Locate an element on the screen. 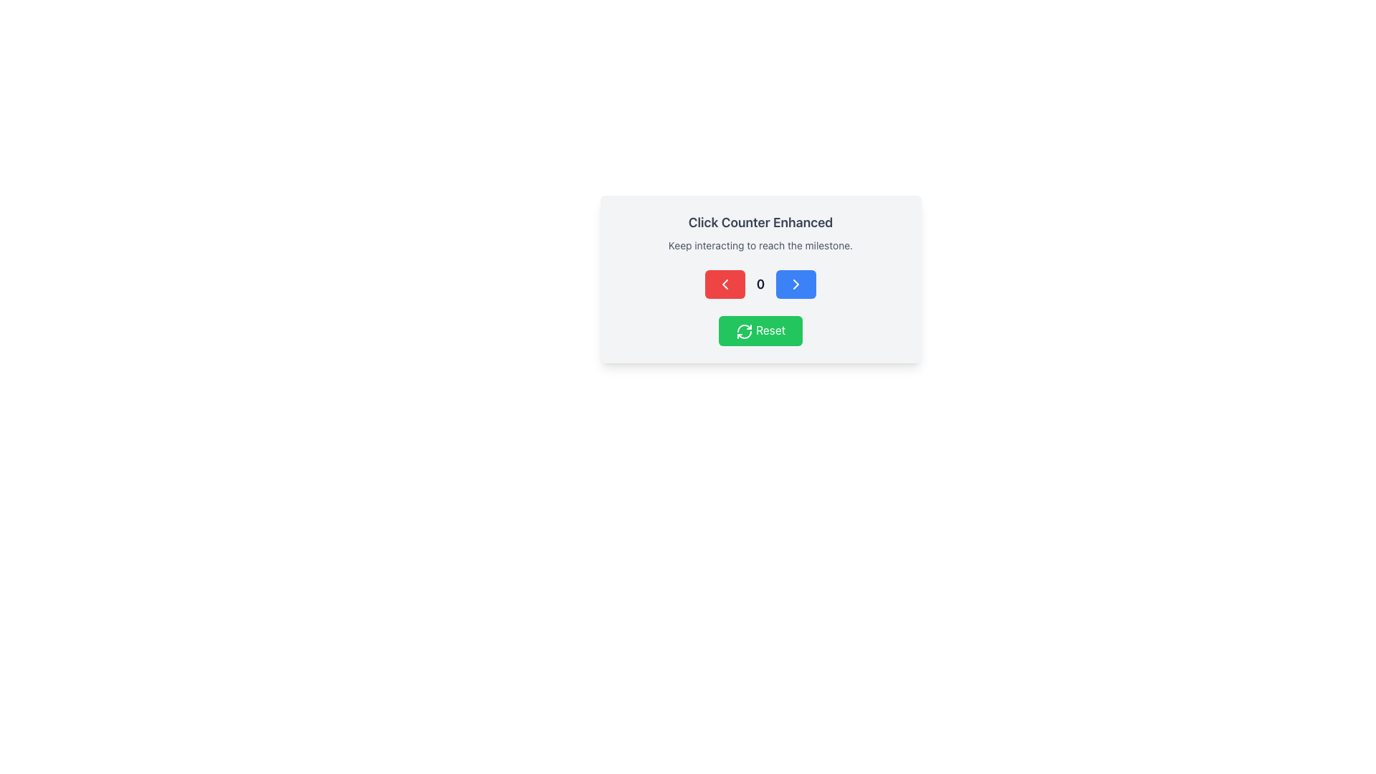 This screenshot has width=1376, height=774. the rightward chevron arrow icon located at the center of the blue button to increment the counter is located at coordinates (795, 285).